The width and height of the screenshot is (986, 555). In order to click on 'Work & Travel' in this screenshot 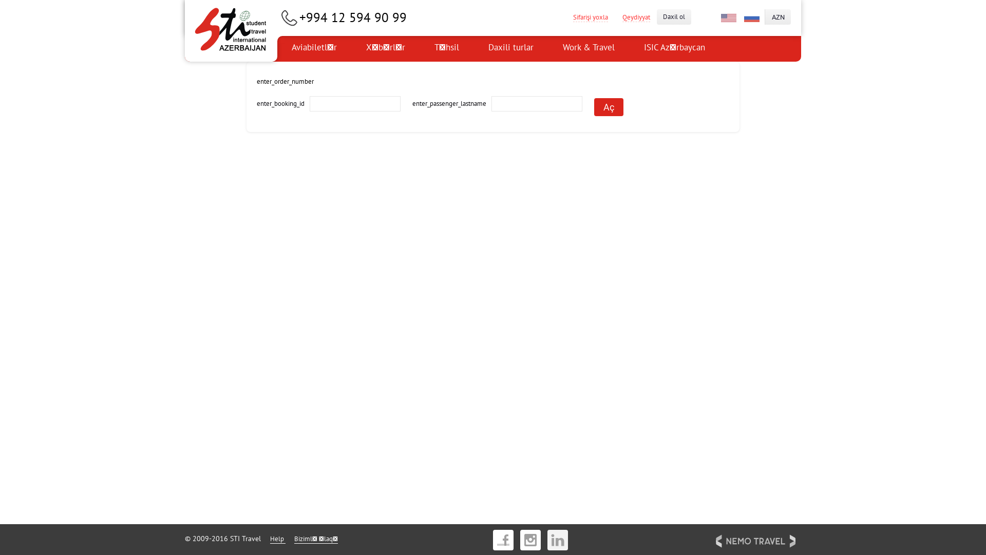, I will do `click(589, 49)`.